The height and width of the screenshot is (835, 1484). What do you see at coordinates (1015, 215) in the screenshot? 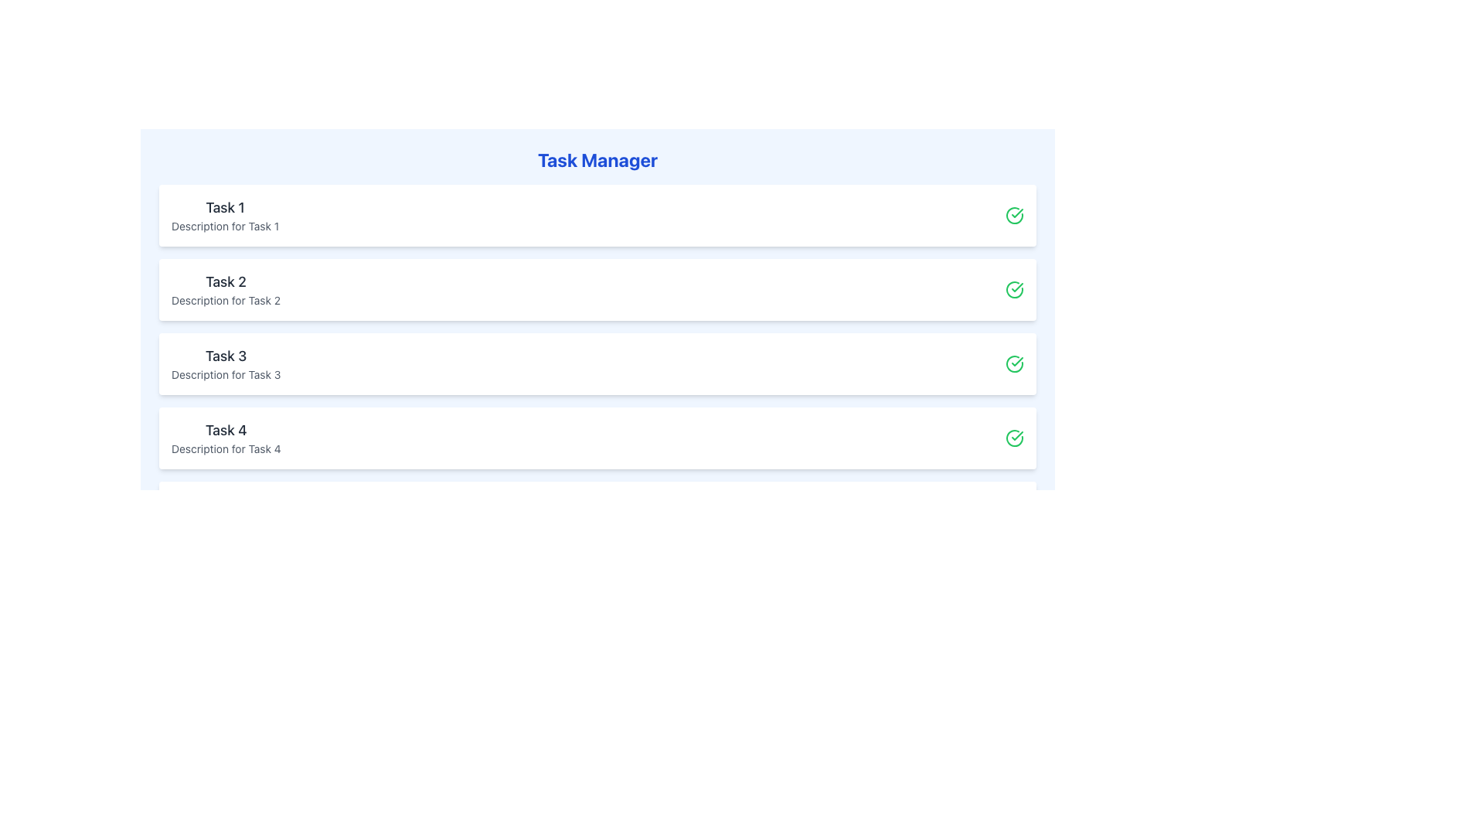
I see `the checkmark icon indicating the completion status of 'Task 1'` at bounding box center [1015, 215].